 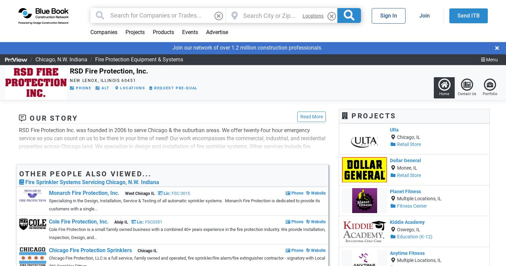 What do you see at coordinates (140, 193) in the screenshot?
I see `'West Chicago IL'` at bounding box center [140, 193].